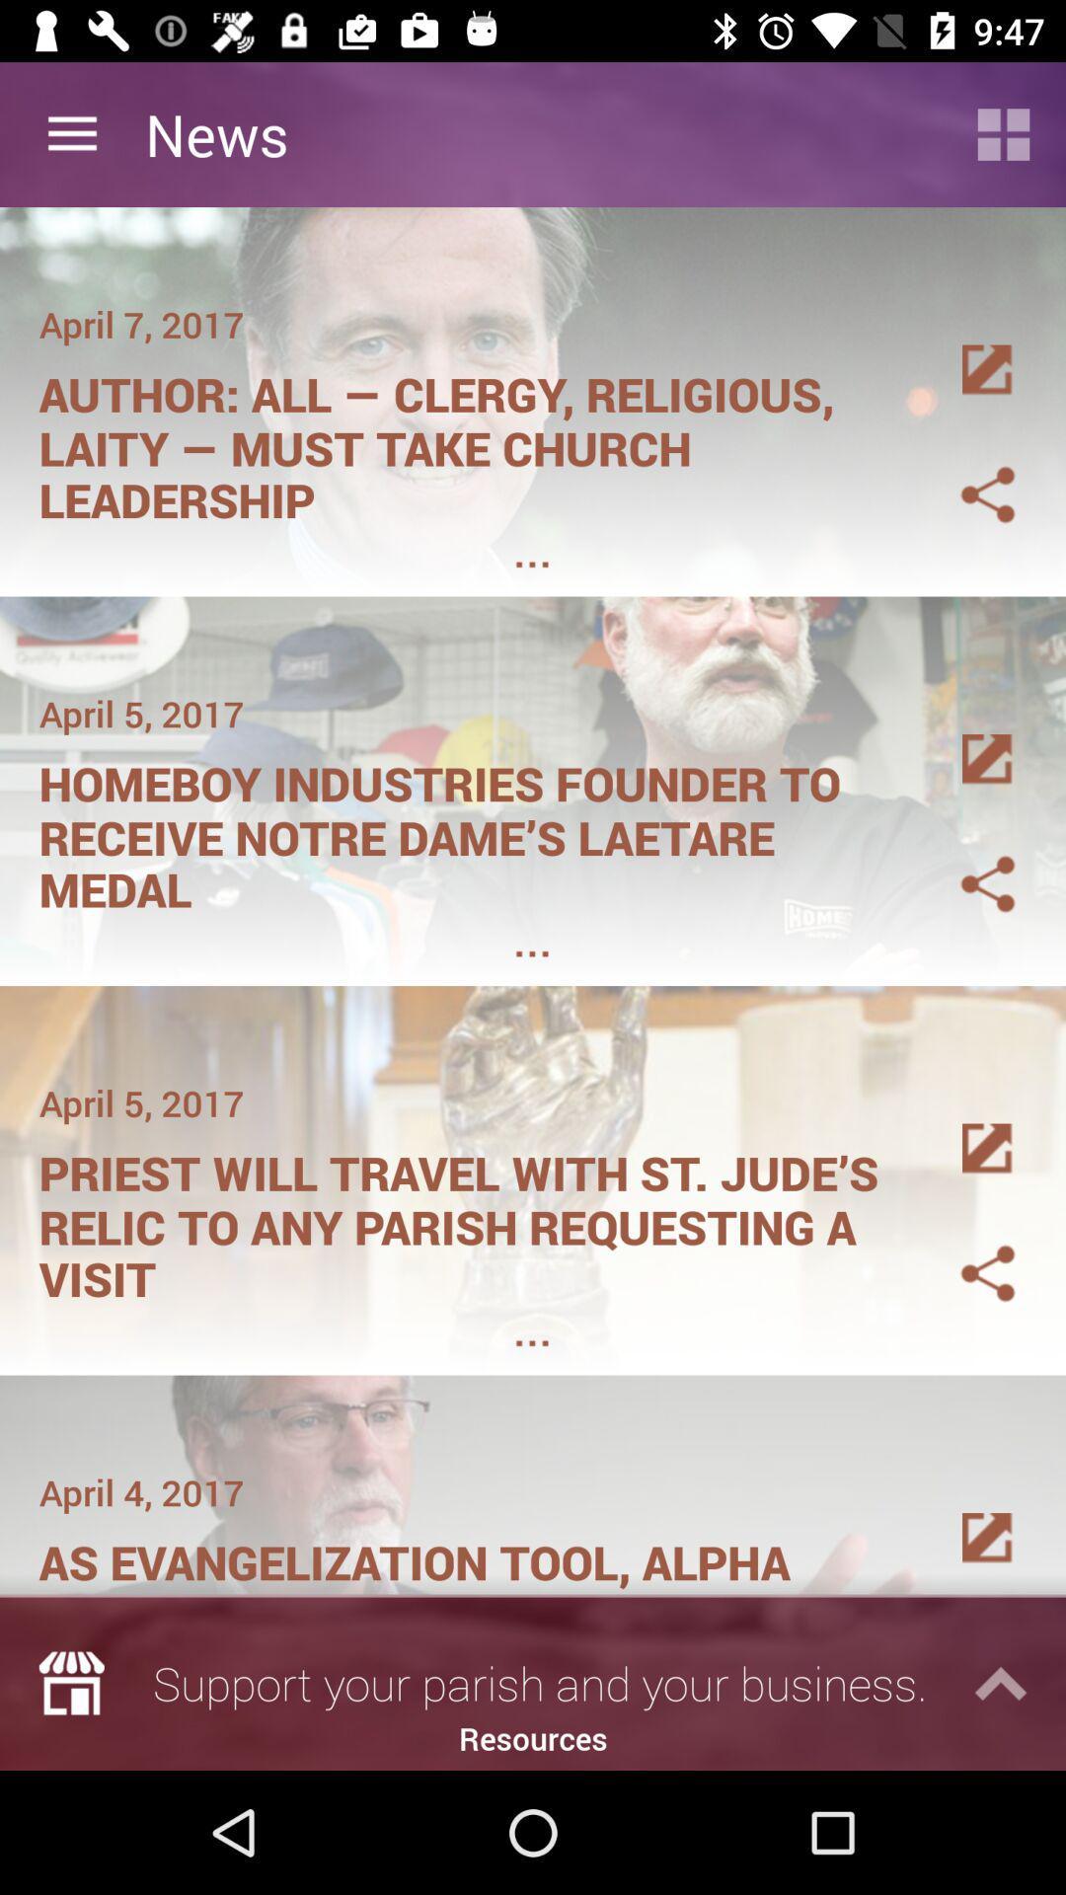 The height and width of the screenshot is (1895, 1066). I want to click on item to the left of news icon, so click(71, 133).